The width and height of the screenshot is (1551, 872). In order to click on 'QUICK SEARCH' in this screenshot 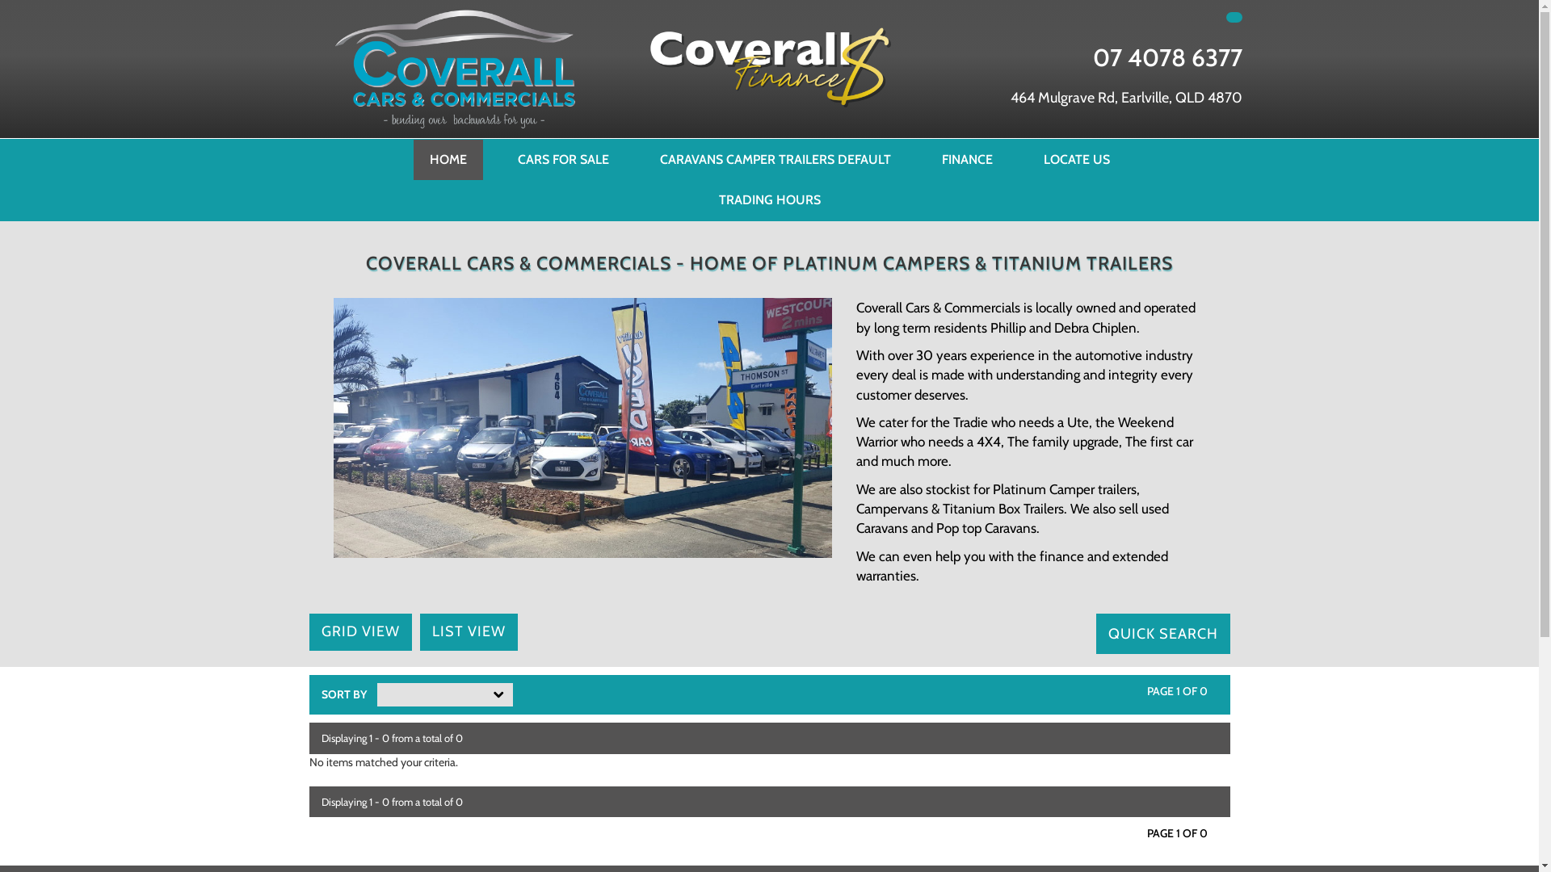, I will do `click(1095, 633)`.